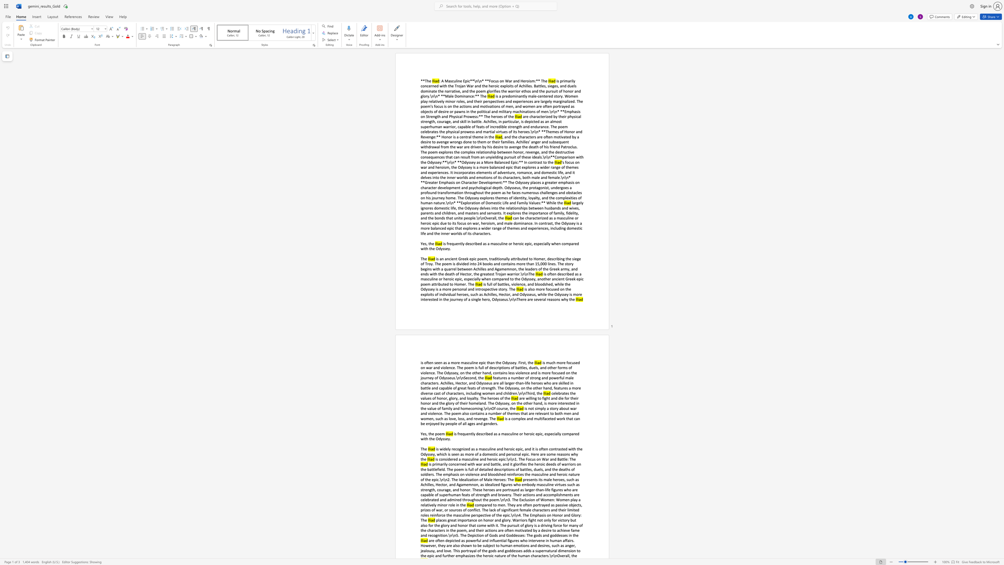 The height and width of the screenshot is (565, 1004). What do you see at coordinates (515, 259) in the screenshot?
I see `the subset text "ributed to Home" within the text "is an ancient Greek epic poem, traditionally attributed to Homer, describing the siege of Troy. The poem is divided into 24 books and contains more than 15,000 lines. The story begins with a quarrel between Achilles and Agamemnon, the leaders of the Greek army, and ends with the death of Hector, the greatest Trojan warrior.\n\nThe"` at bounding box center [515, 259].